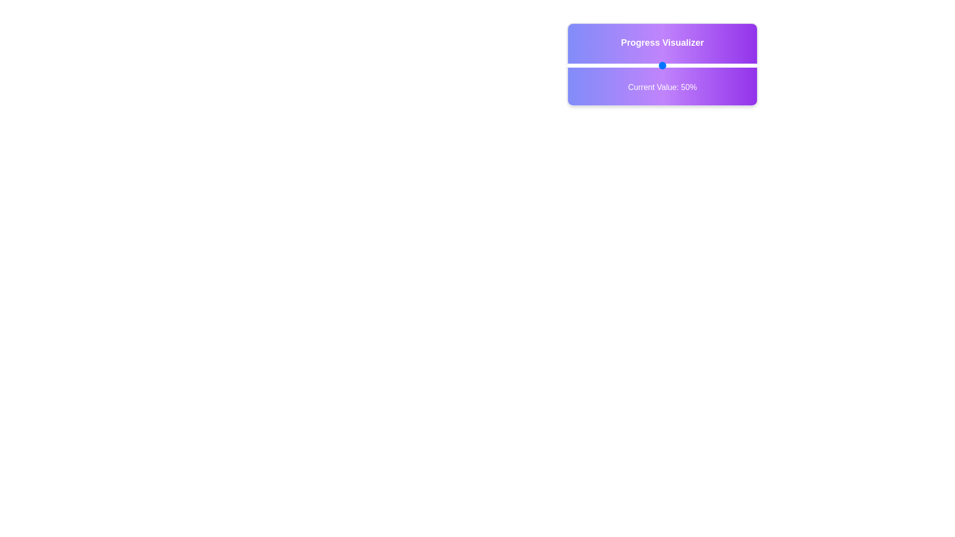  What do you see at coordinates (723, 65) in the screenshot?
I see `the slider to set the progress value to 82` at bounding box center [723, 65].